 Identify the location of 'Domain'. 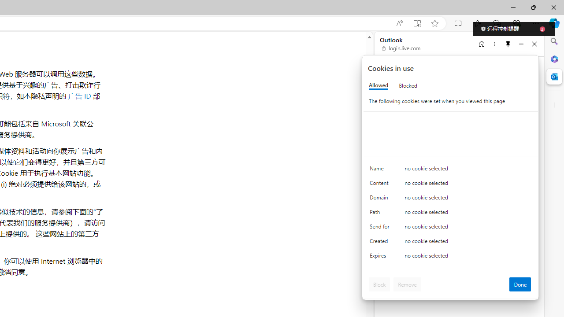
(381, 199).